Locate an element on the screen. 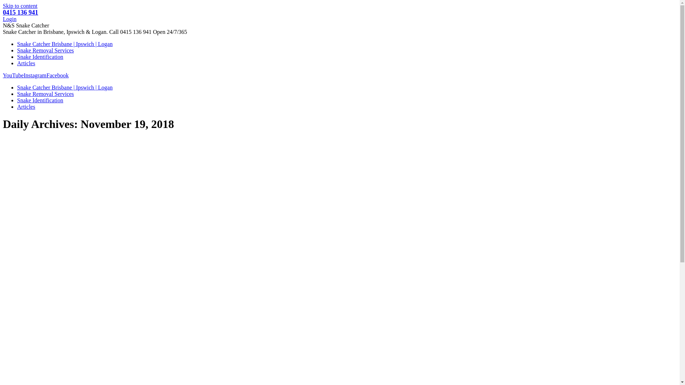 The width and height of the screenshot is (685, 385). 'Snake Catcher Brisbane | Ipswich | Logan' is located at coordinates (65, 87).